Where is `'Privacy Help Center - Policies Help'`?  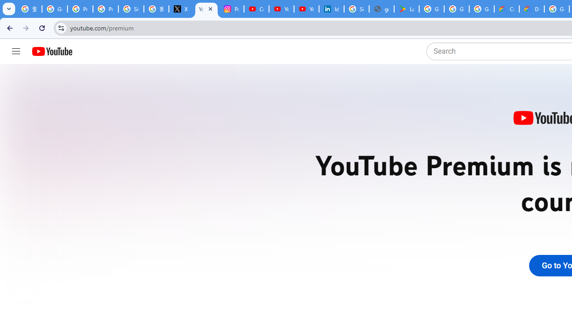
'Privacy Help Center - Policies Help' is located at coordinates (105, 9).